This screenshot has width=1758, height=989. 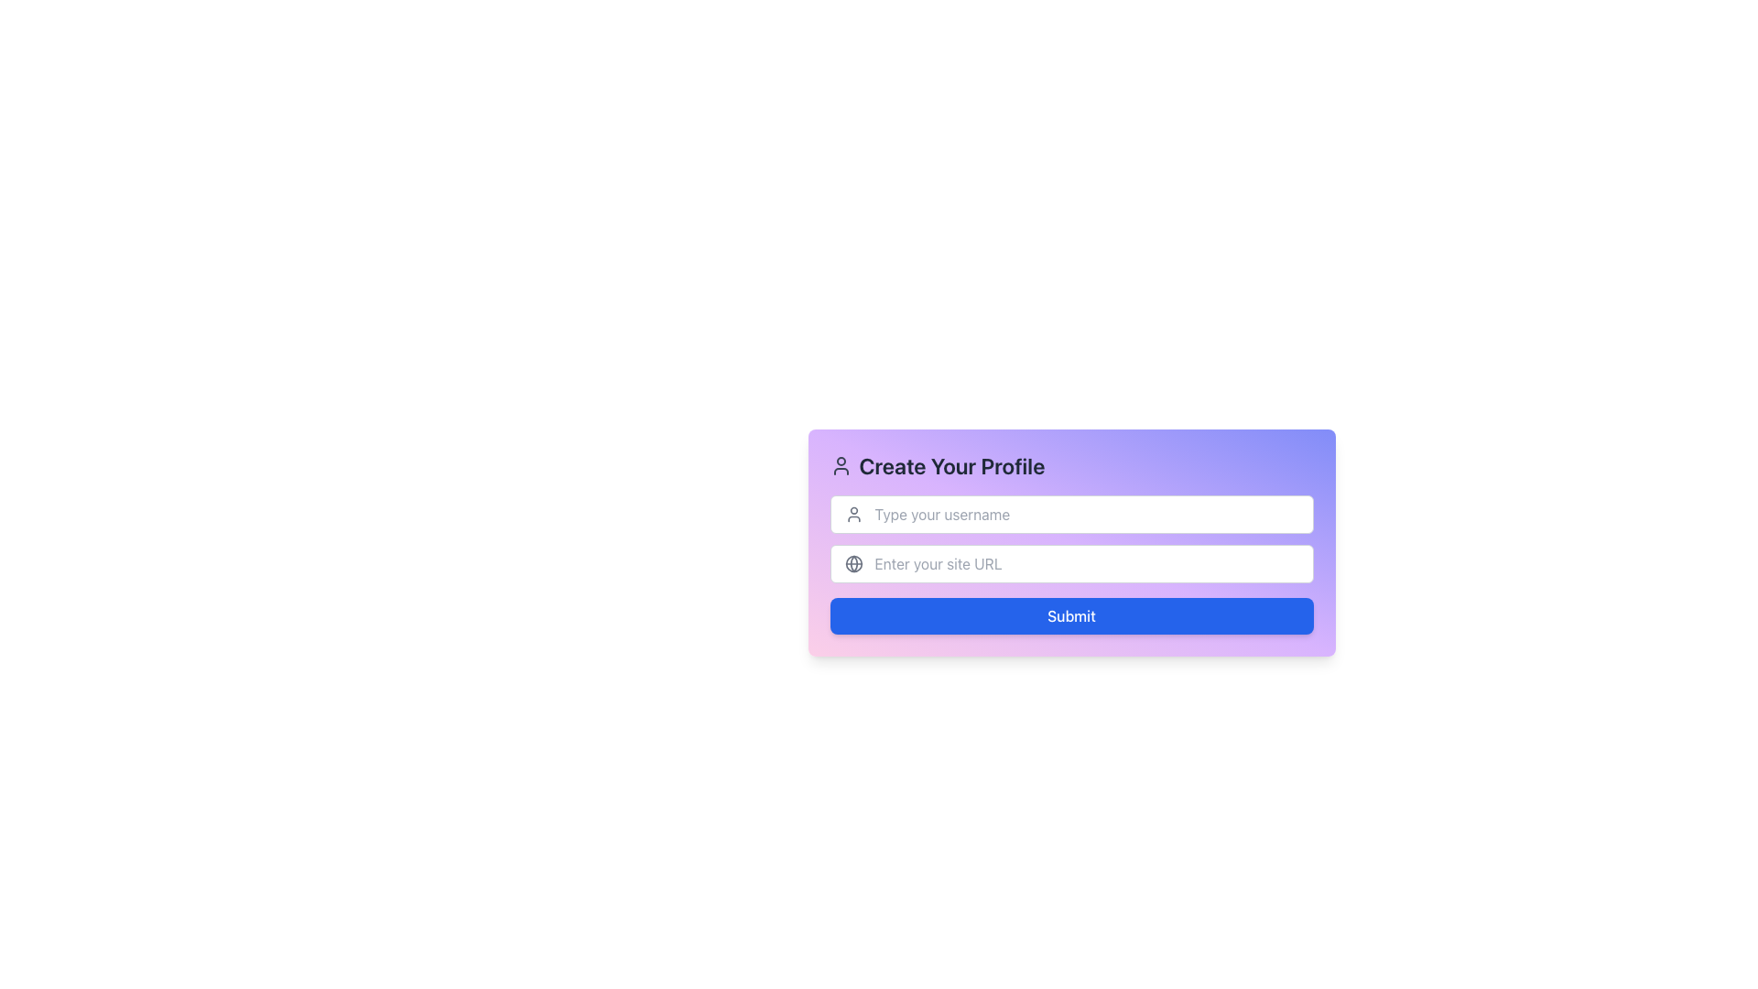 What do you see at coordinates (852, 563) in the screenshot?
I see `the small circular globe icon representing a URL, which is positioned to the left of the text input box labeled 'Enter your site URL'` at bounding box center [852, 563].